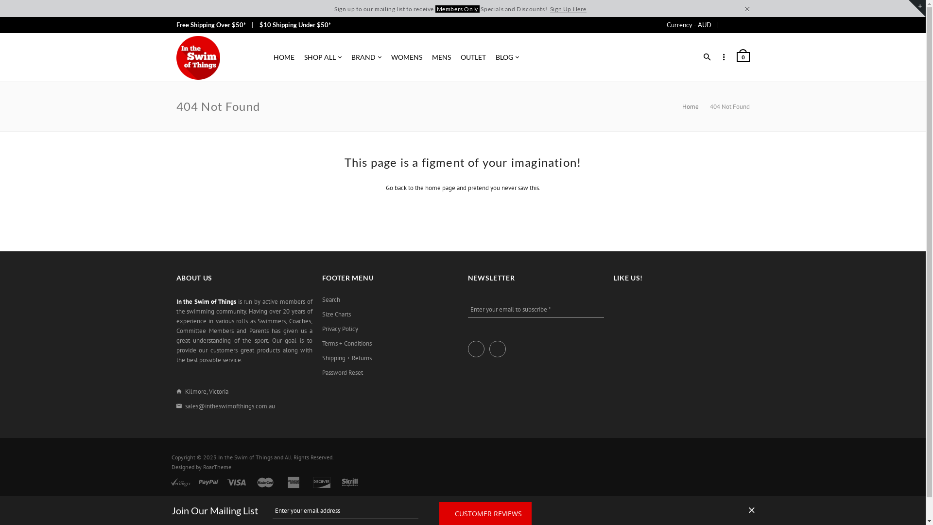 The height and width of the screenshot is (525, 933). What do you see at coordinates (229, 406) in the screenshot?
I see `'sales@intheswimofthings.com.au'` at bounding box center [229, 406].